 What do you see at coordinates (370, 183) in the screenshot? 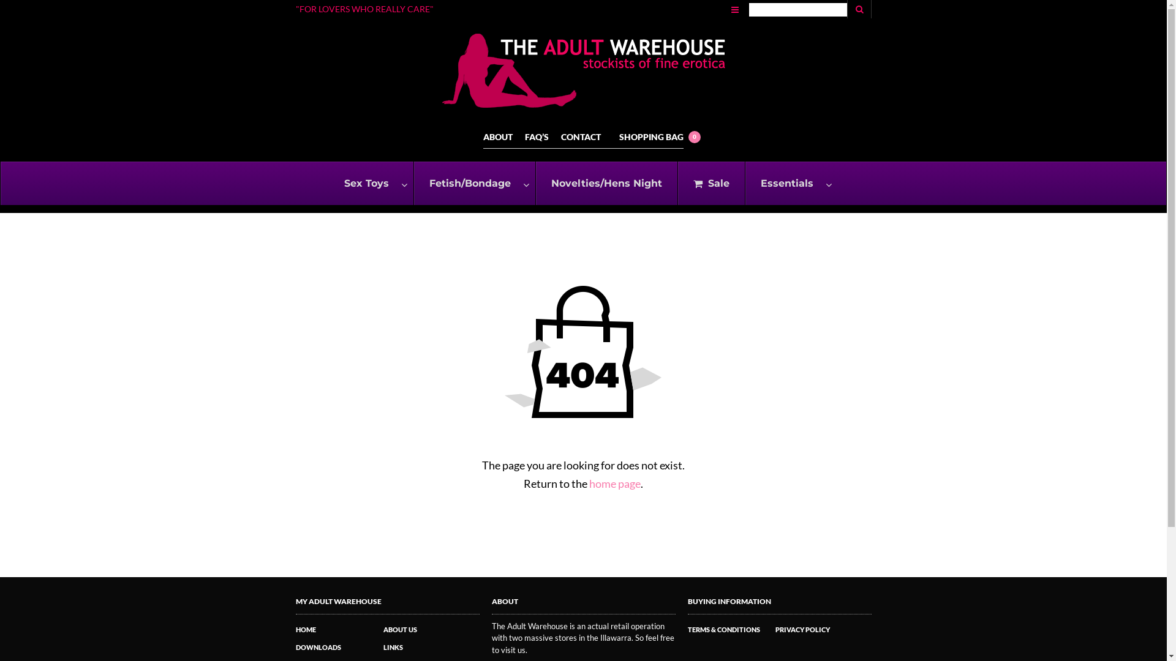
I see `'Sex Toys'` at bounding box center [370, 183].